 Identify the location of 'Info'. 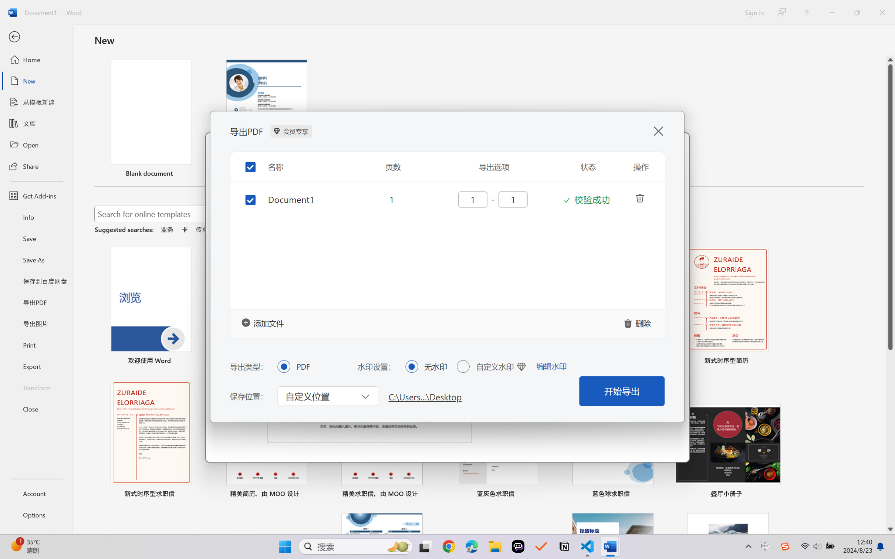
(36, 217).